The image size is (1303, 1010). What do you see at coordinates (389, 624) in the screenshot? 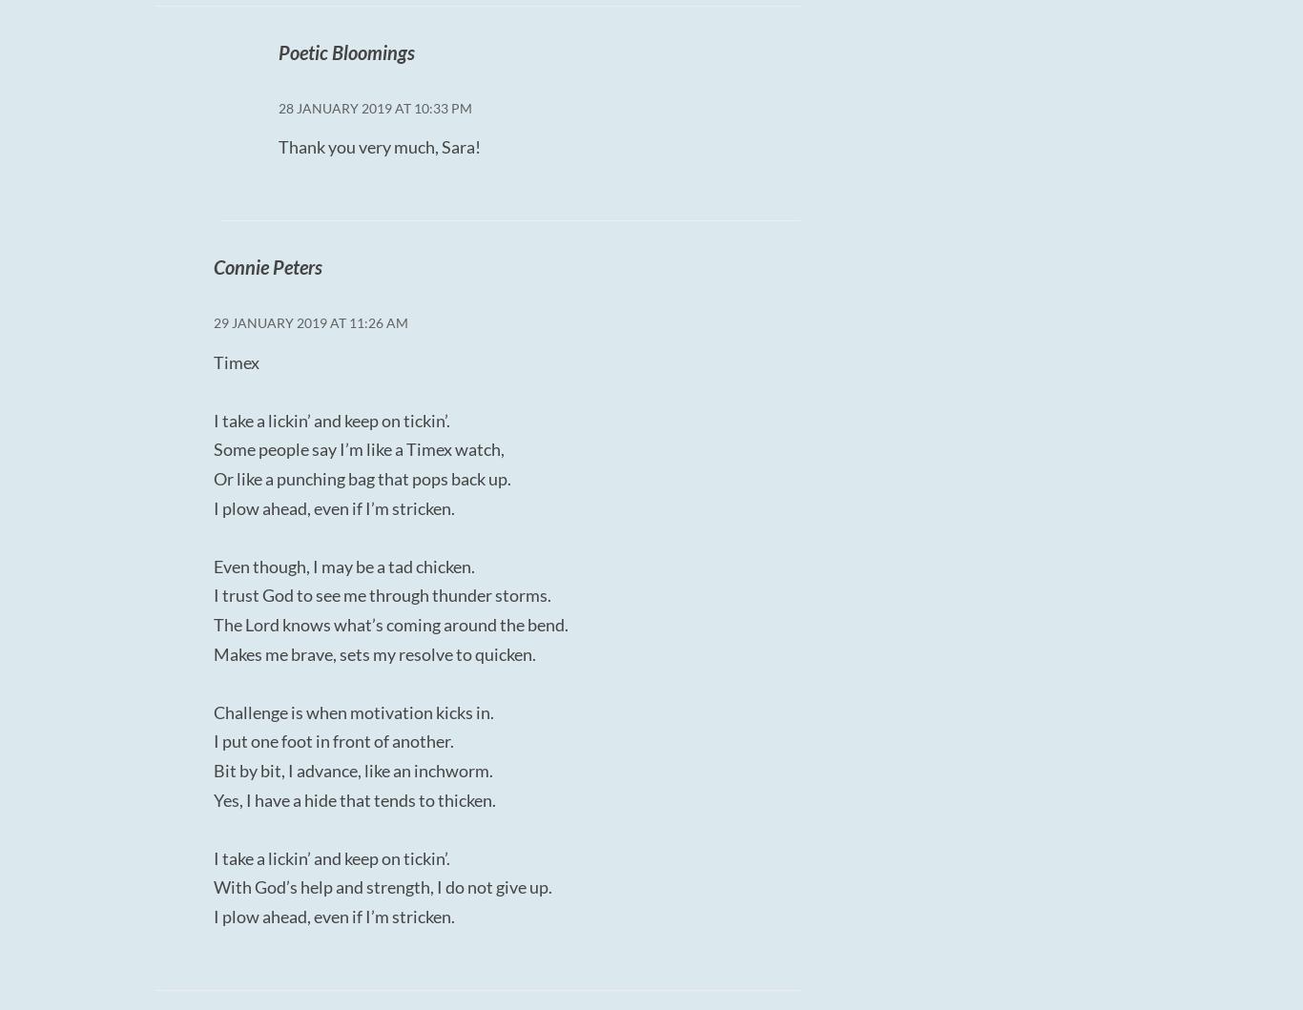
I see `'The Lord knows what’s coming around the bend.'` at bounding box center [389, 624].